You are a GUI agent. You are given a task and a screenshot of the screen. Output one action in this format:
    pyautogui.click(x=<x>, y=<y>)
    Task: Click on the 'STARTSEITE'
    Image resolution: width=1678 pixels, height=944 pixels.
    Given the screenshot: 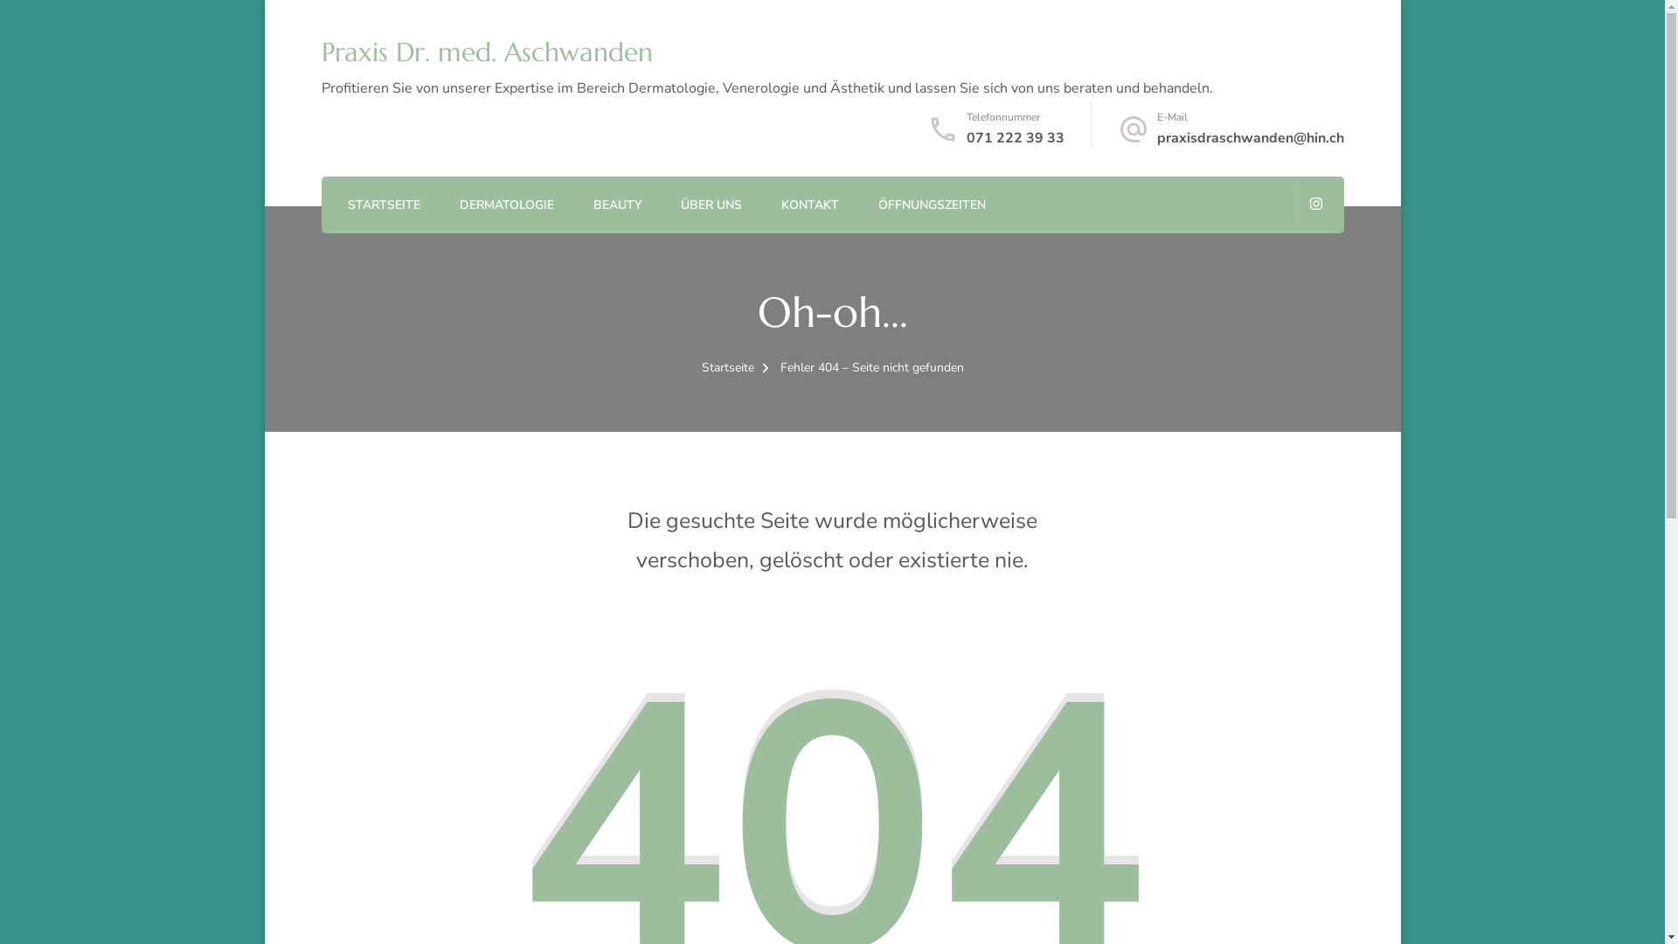 What is the action you would take?
    pyautogui.click(x=383, y=205)
    